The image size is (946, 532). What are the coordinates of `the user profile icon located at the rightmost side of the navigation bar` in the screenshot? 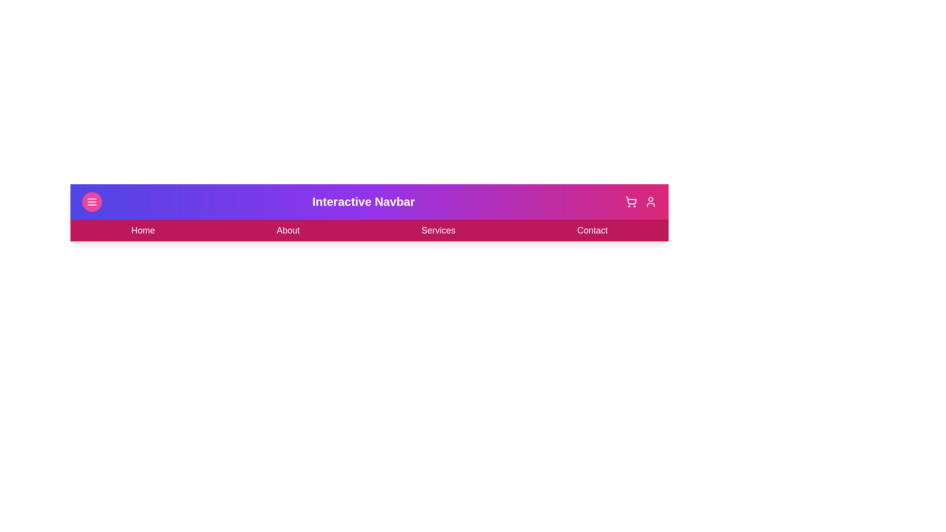 It's located at (650, 201).